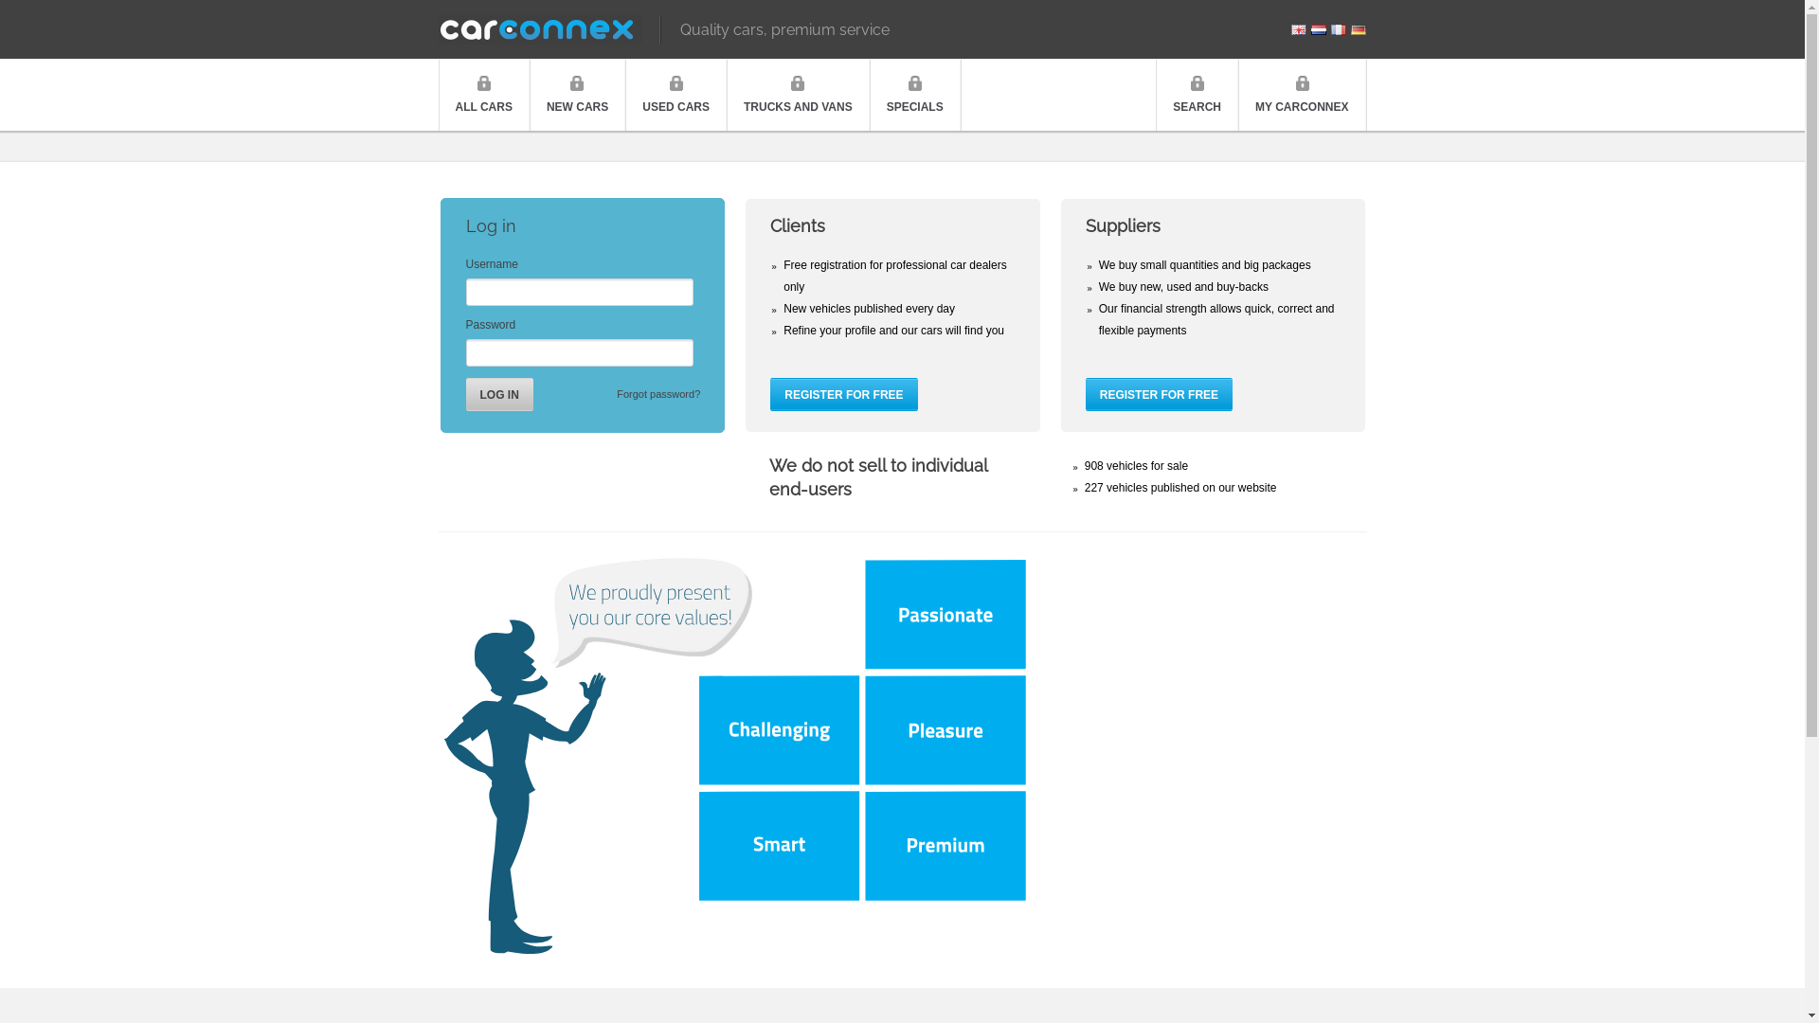 This screenshot has width=1819, height=1023. I want to click on 'USED CARS', so click(675, 95).